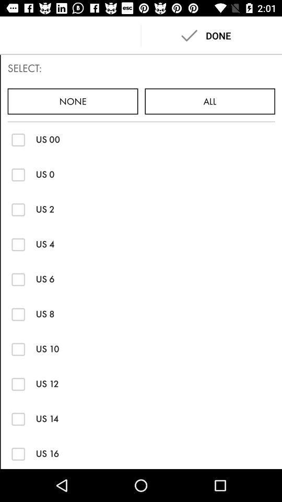 This screenshot has height=502, width=282. I want to click on check the box, so click(18, 279).